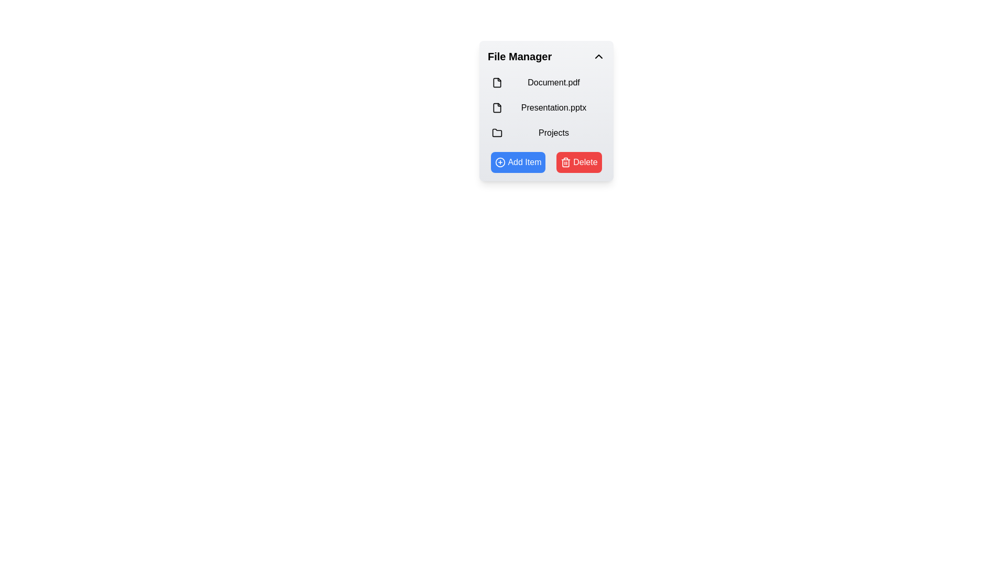 The height and width of the screenshot is (566, 1006). What do you see at coordinates (500, 162) in the screenshot?
I see `the small circular 'plus' icon with a blue background and white border inside the 'Add Item' button in the 'File Manager' panel` at bounding box center [500, 162].